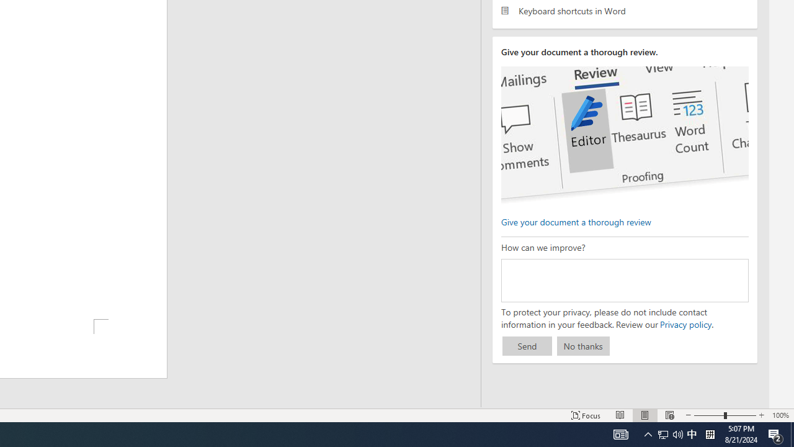 The height and width of the screenshot is (447, 794). Describe the element at coordinates (625, 11) in the screenshot. I see `'Keyboard shortcuts in Word'` at that location.